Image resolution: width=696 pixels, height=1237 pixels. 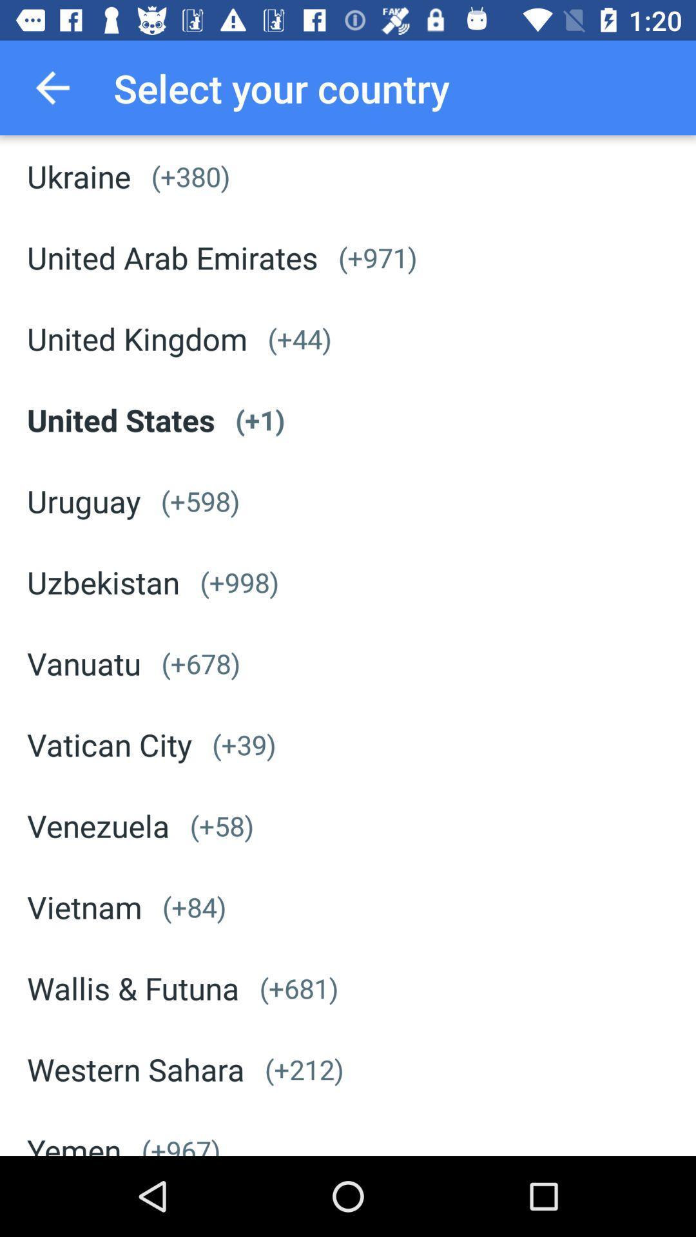 What do you see at coordinates (102, 581) in the screenshot?
I see `the uzbekistan item` at bounding box center [102, 581].